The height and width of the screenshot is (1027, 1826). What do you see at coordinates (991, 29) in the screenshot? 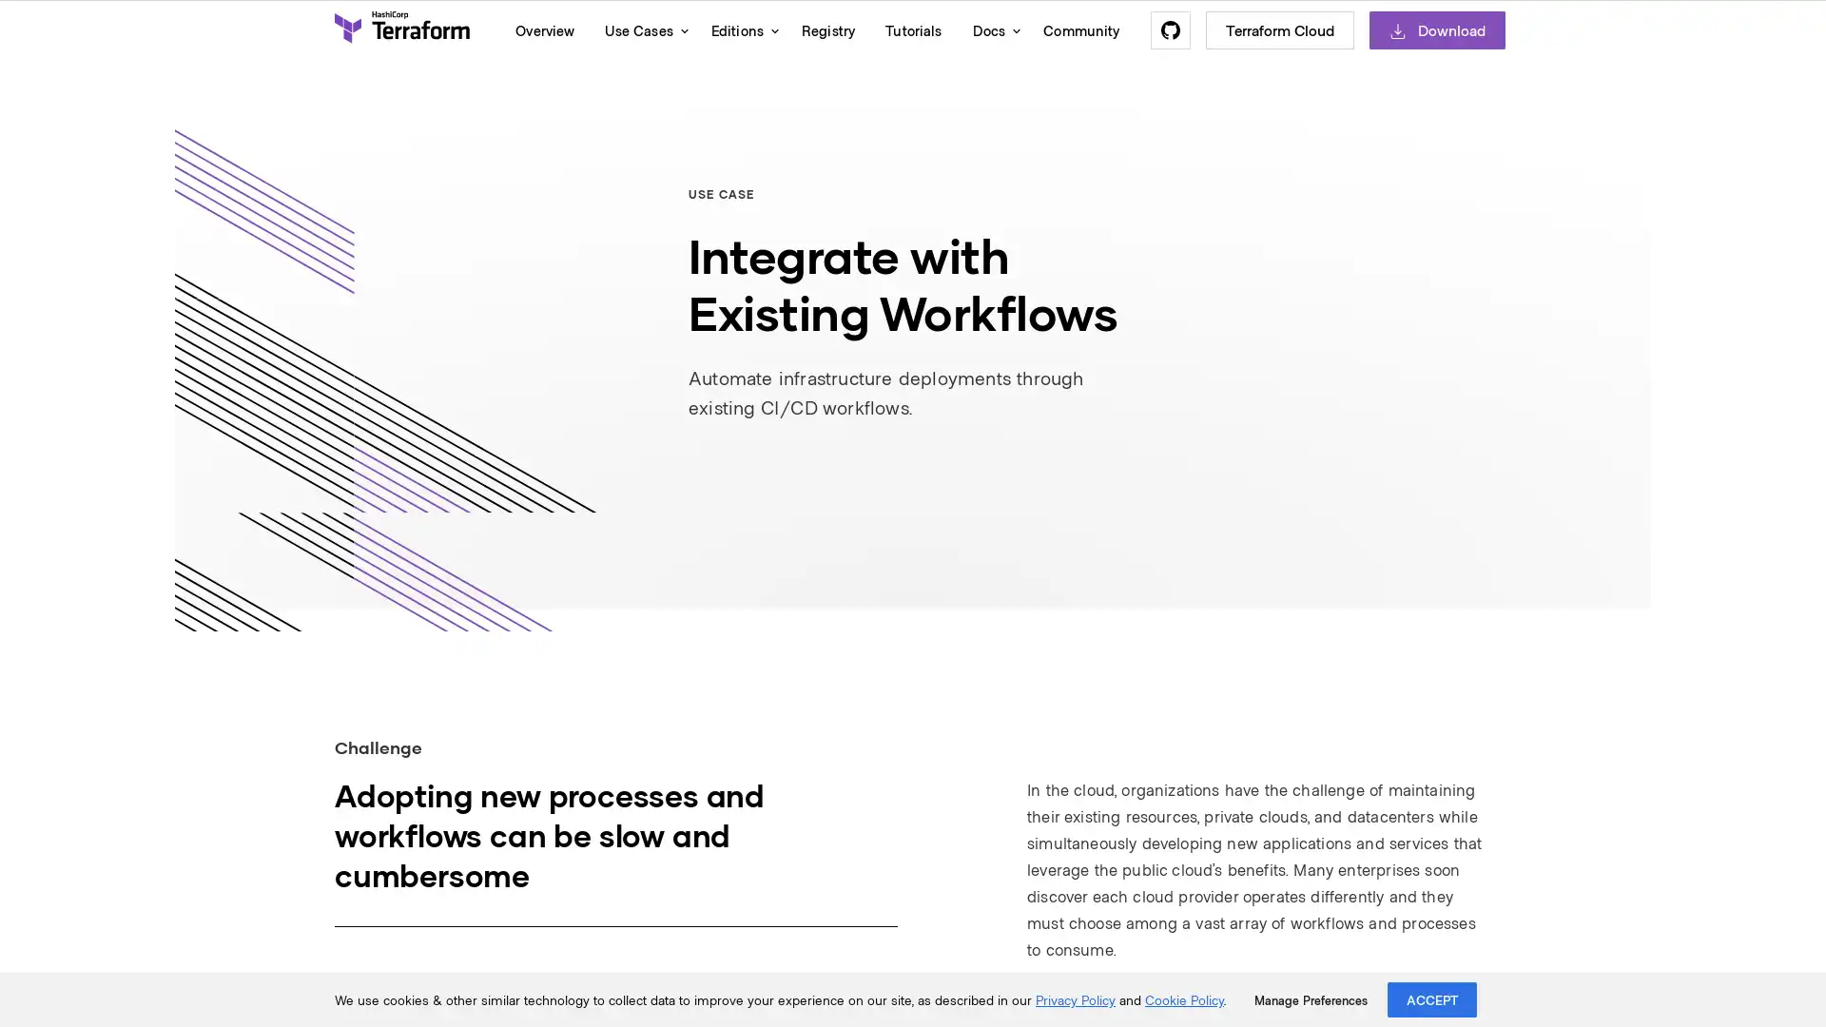
I see `Docs` at bounding box center [991, 29].